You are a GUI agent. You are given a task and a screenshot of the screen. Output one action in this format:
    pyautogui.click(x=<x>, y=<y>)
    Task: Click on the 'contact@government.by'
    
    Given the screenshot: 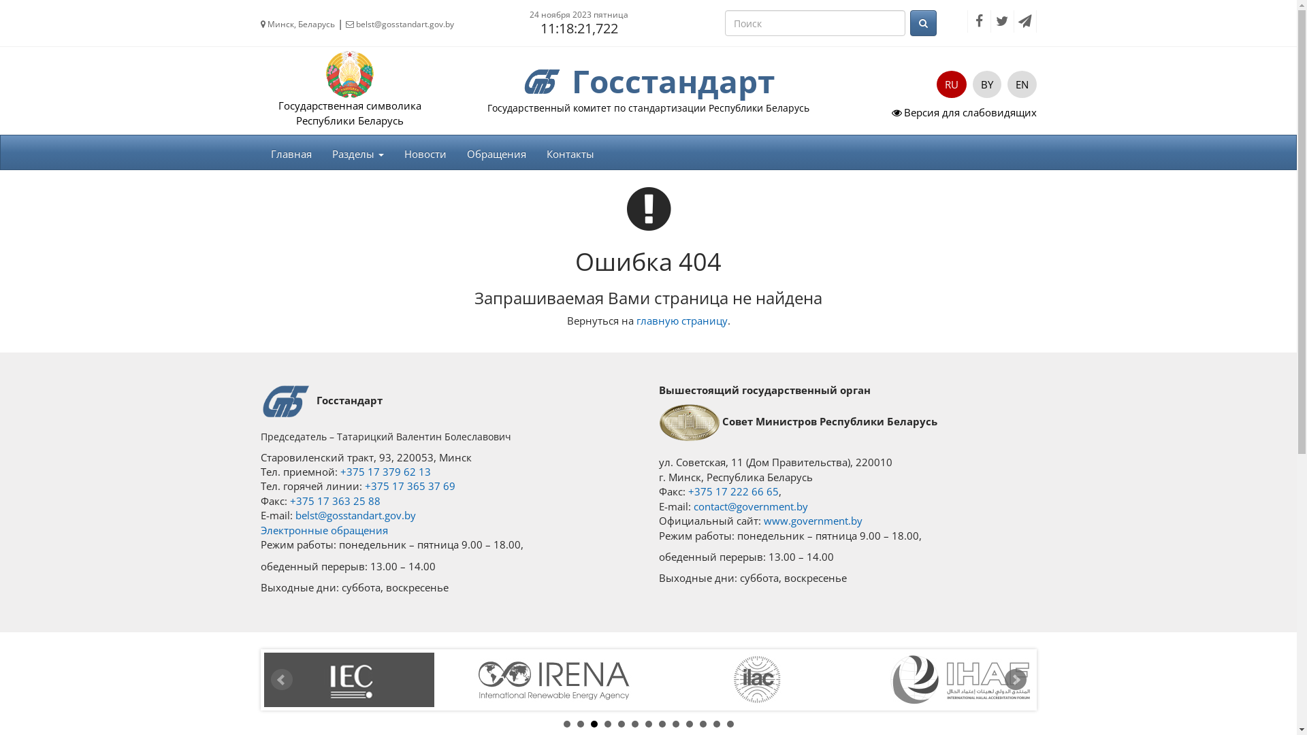 What is the action you would take?
    pyautogui.click(x=747, y=506)
    